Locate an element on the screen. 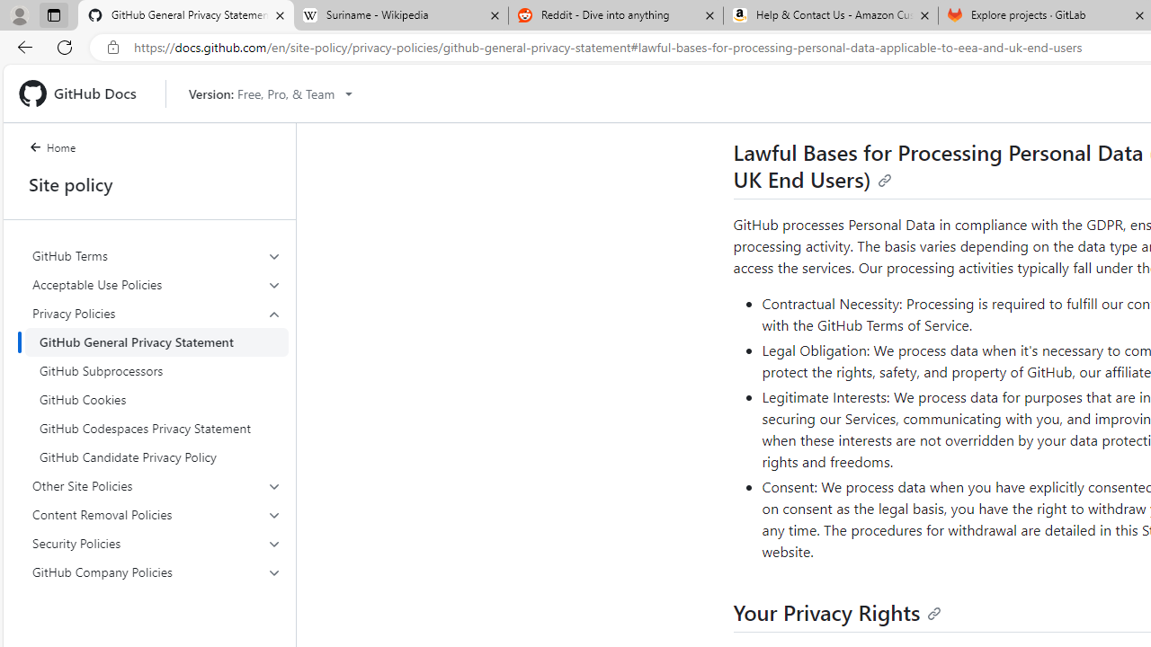 The image size is (1151, 647). 'GitHub Company Policies' is located at coordinates (156, 572).